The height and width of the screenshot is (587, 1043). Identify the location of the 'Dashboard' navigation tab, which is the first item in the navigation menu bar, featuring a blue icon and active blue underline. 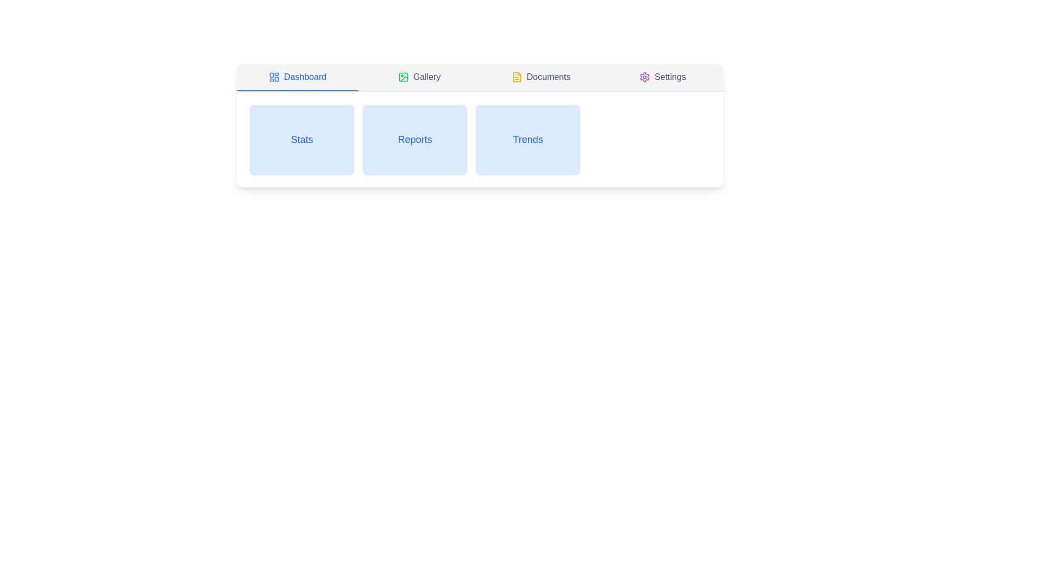
(297, 77).